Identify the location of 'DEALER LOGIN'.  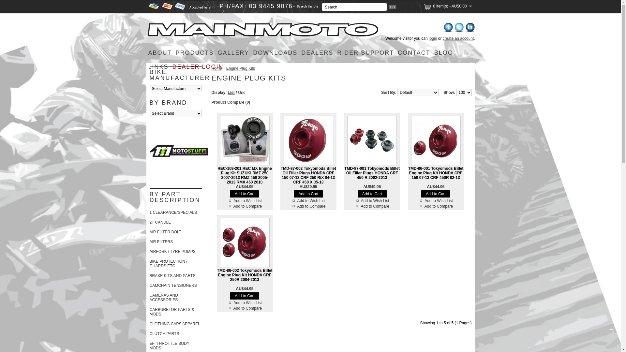
(198, 67).